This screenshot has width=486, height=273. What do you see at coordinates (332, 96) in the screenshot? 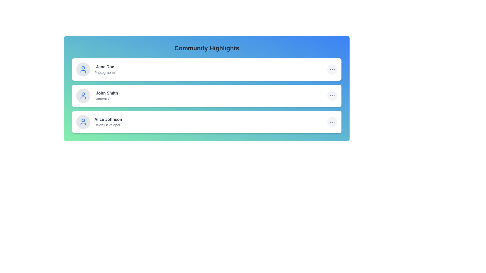
I see `the button with an ellipsis icon located at the far-right corner of the second card labeled 'John Smith Content Creator'` at bounding box center [332, 96].